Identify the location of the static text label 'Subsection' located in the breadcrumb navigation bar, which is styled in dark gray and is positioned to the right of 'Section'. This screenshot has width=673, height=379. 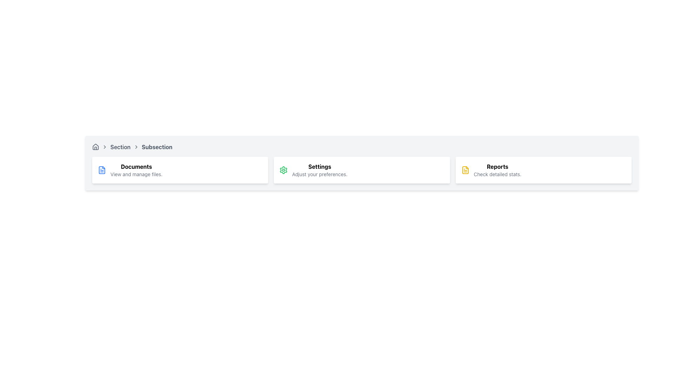
(157, 147).